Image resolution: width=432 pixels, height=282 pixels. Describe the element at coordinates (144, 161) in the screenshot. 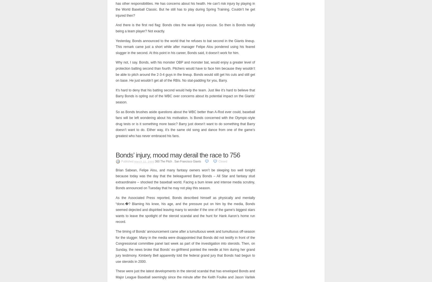

I see `'March 22, 2005'` at that location.